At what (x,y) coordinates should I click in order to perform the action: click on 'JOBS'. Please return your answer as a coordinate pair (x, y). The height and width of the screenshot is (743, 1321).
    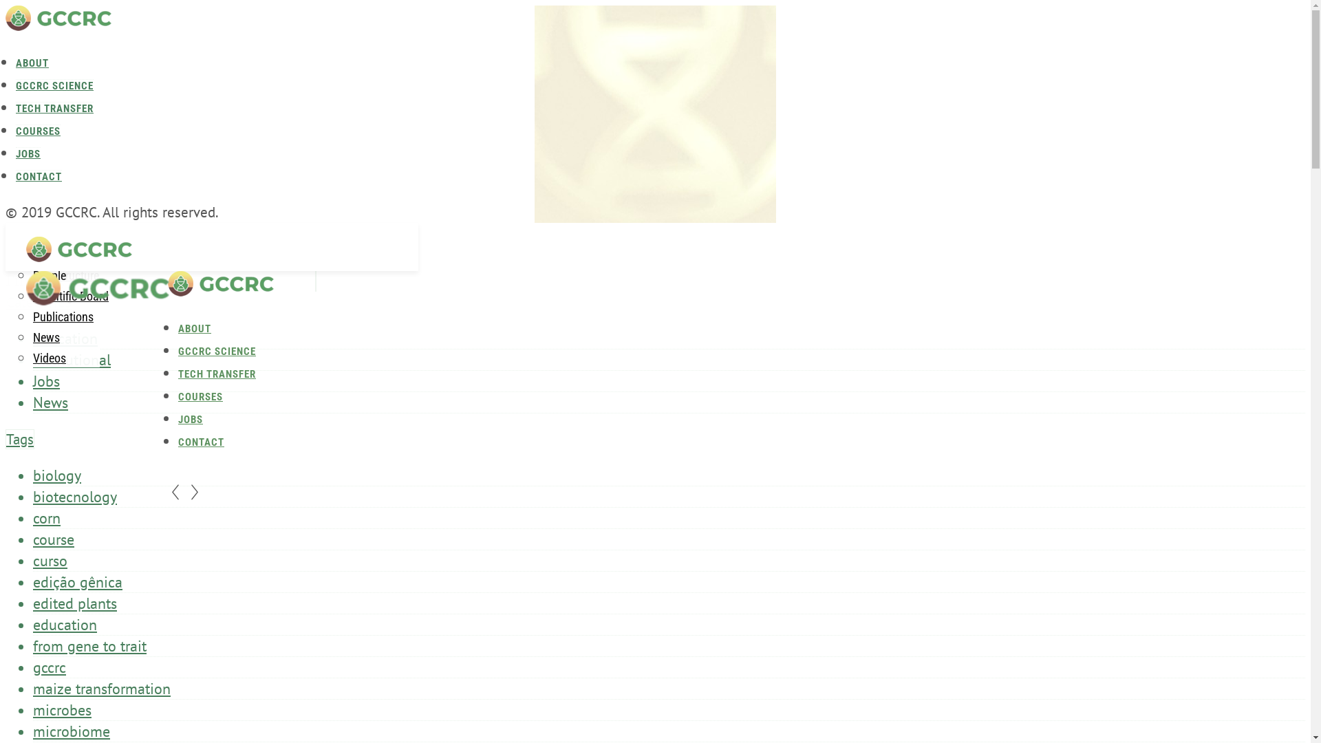
    Looking at the image, I should click on (190, 418).